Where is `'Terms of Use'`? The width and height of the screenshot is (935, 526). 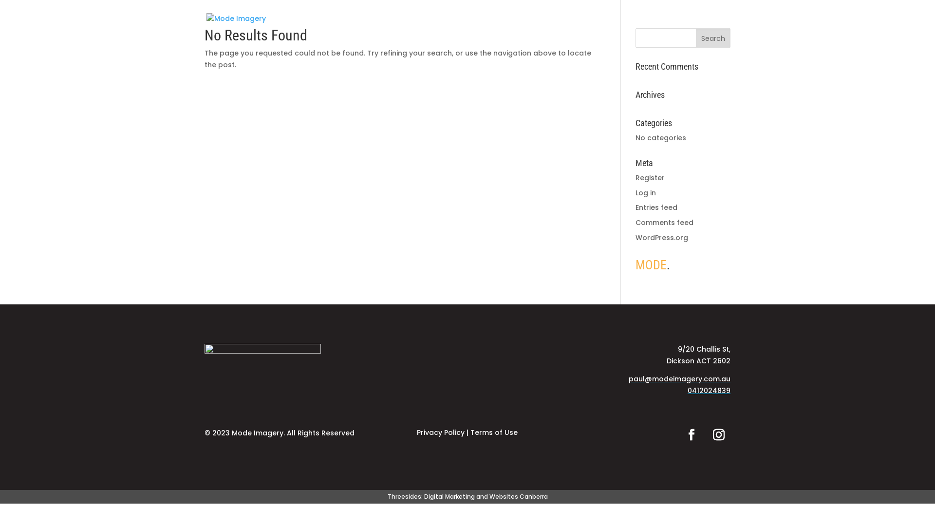 'Terms of Use' is located at coordinates (494, 432).